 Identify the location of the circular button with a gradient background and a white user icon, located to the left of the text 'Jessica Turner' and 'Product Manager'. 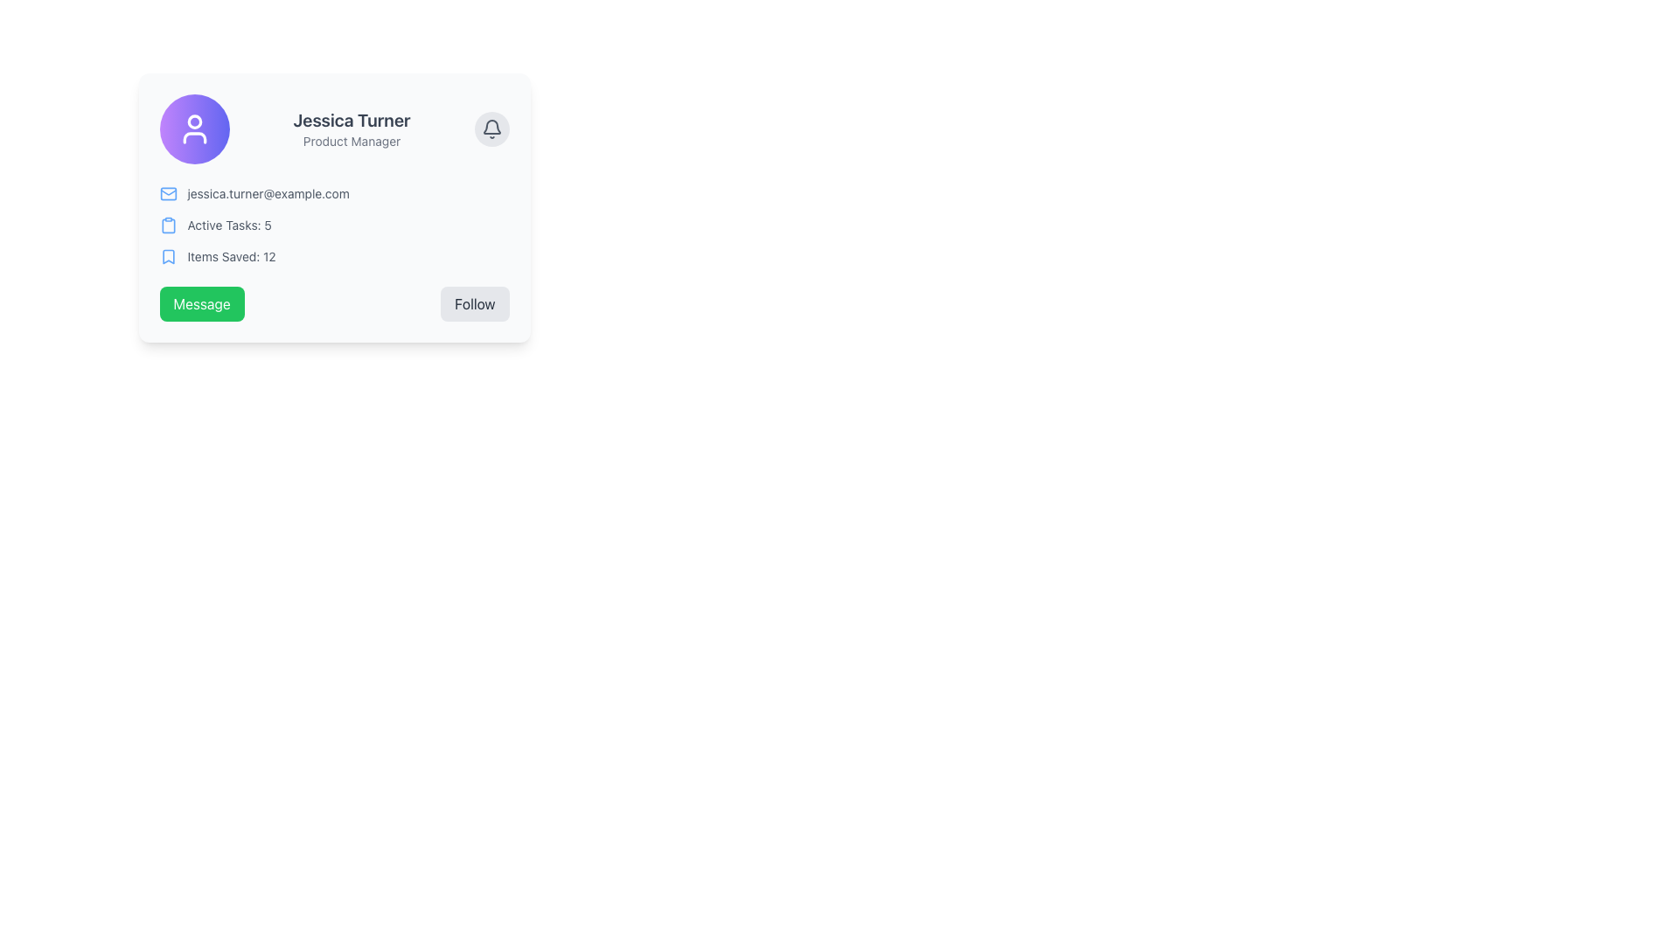
(194, 128).